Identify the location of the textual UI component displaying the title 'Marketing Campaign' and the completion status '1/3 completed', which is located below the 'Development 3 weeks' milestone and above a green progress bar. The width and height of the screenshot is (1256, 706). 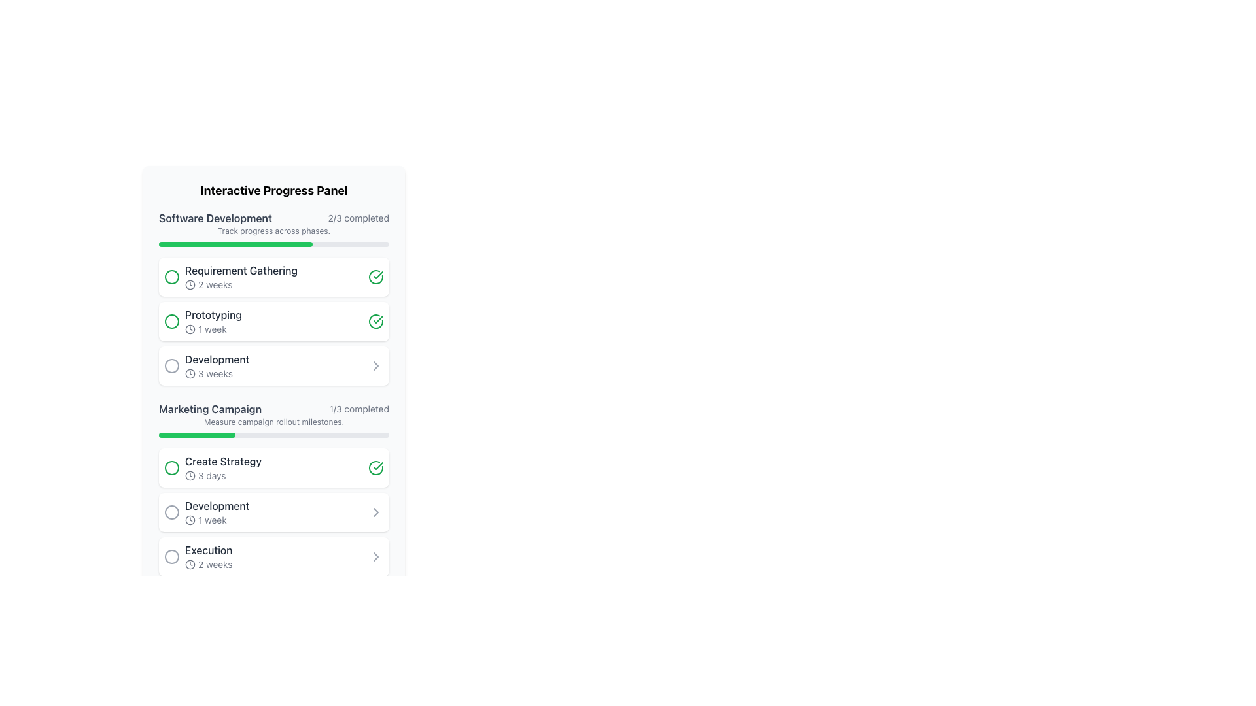
(273, 408).